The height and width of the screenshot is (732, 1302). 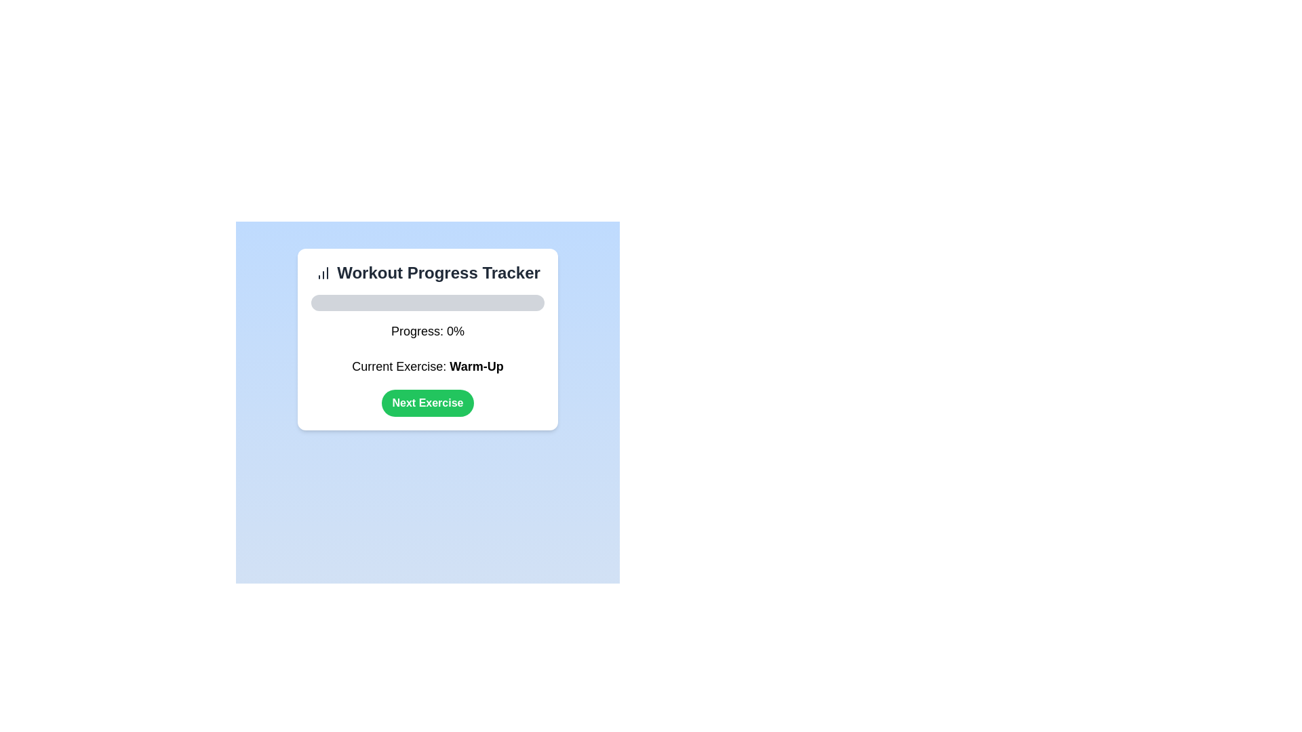 What do you see at coordinates (427, 272) in the screenshot?
I see `the bold text label displaying 'Workout Progress Tracker' with the accompanying bar chart icon, located at the top of a white rounded-rectangle card` at bounding box center [427, 272].